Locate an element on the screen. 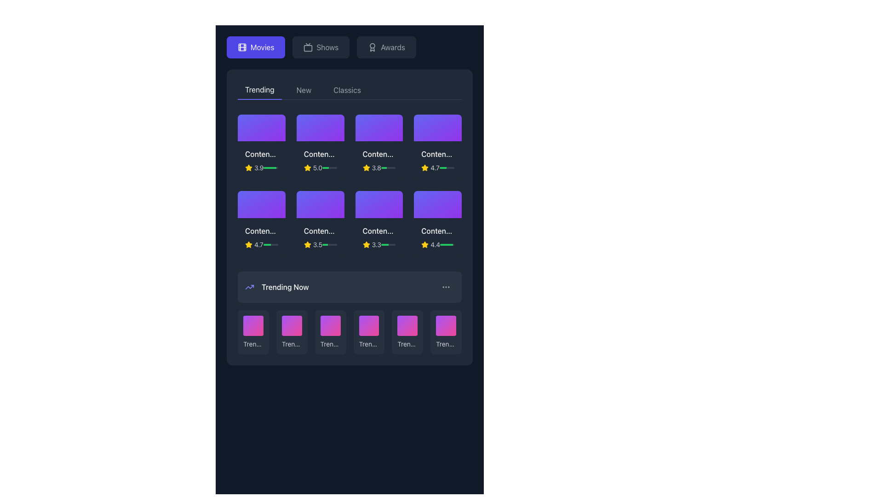 This screenshot has height=497, width=883. the 'Shows' text label located in the navigation bar, positioned between the 'Movies' button and the 'Awards' icon is located at coordinates (327, 47).